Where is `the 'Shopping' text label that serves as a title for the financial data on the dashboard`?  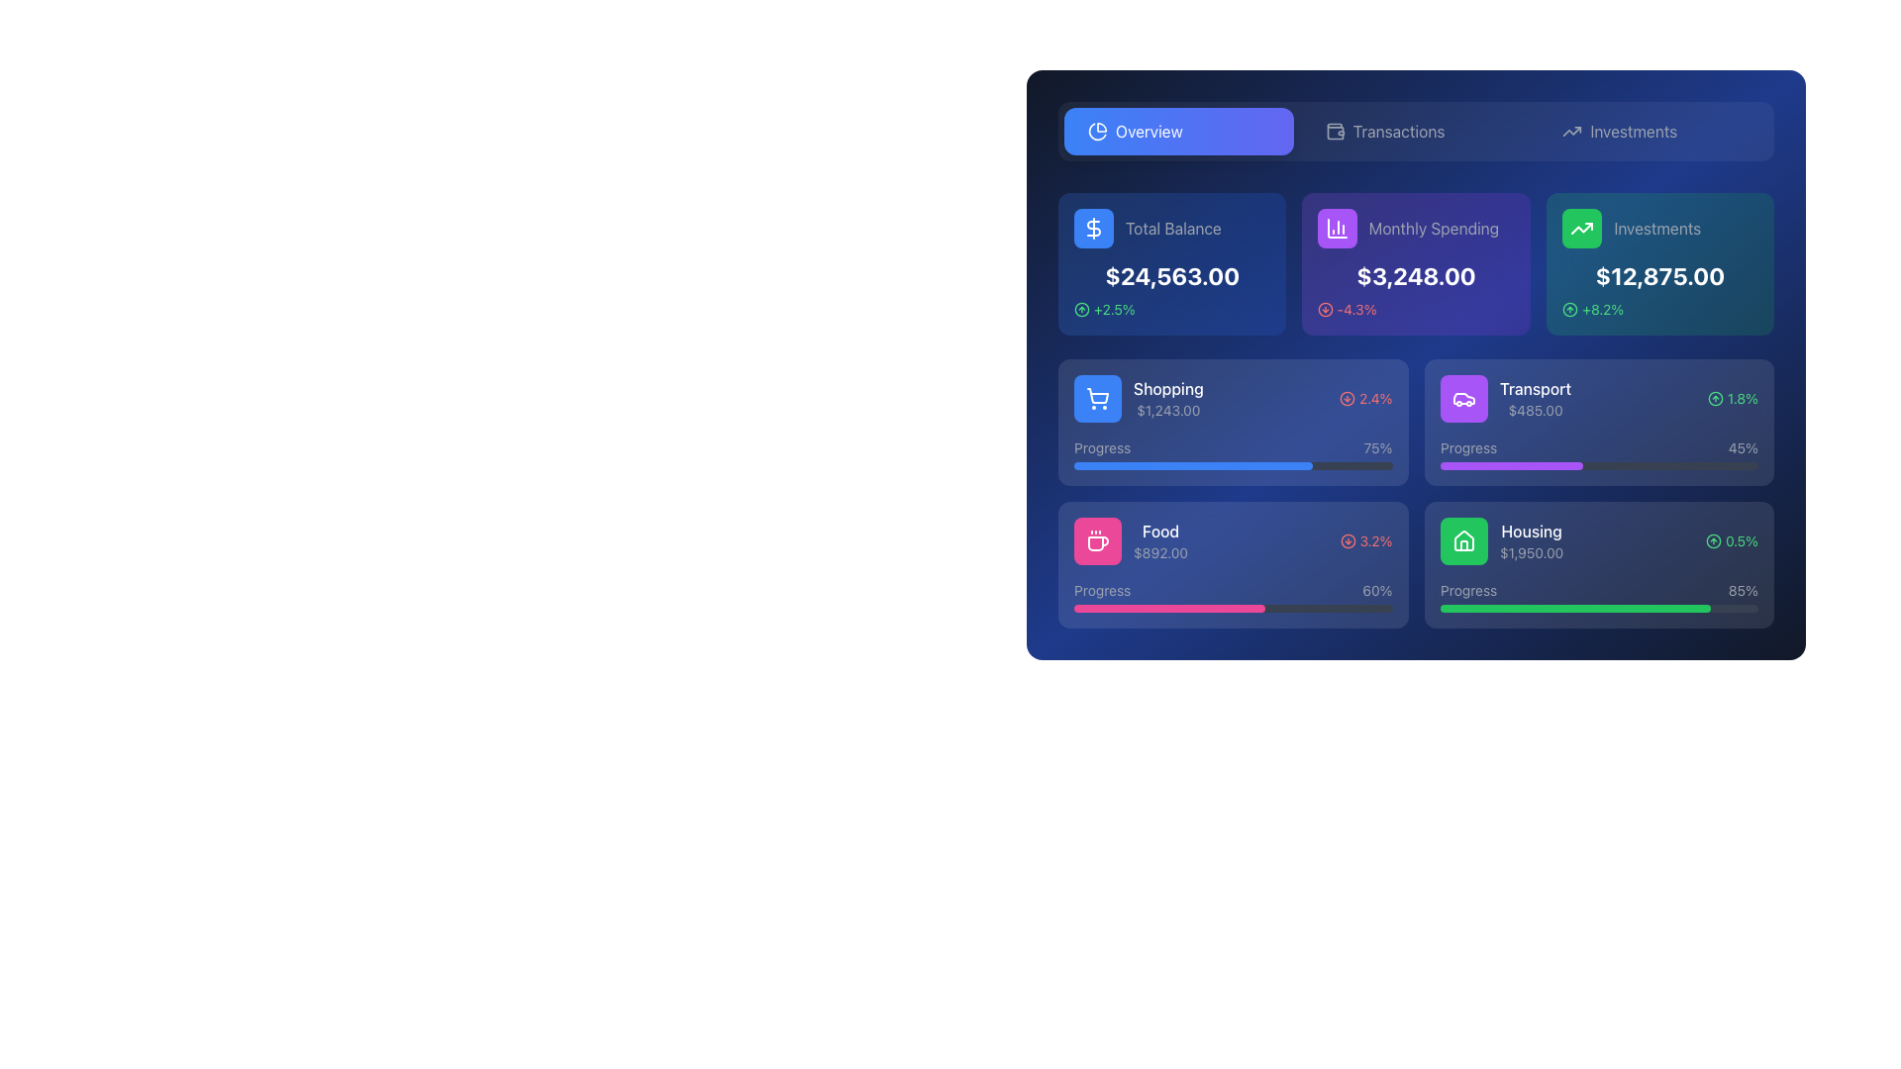
the 'Shopping' text label that serves as a title for the financial data on the dashboard is located at coordinates (1168, 389).